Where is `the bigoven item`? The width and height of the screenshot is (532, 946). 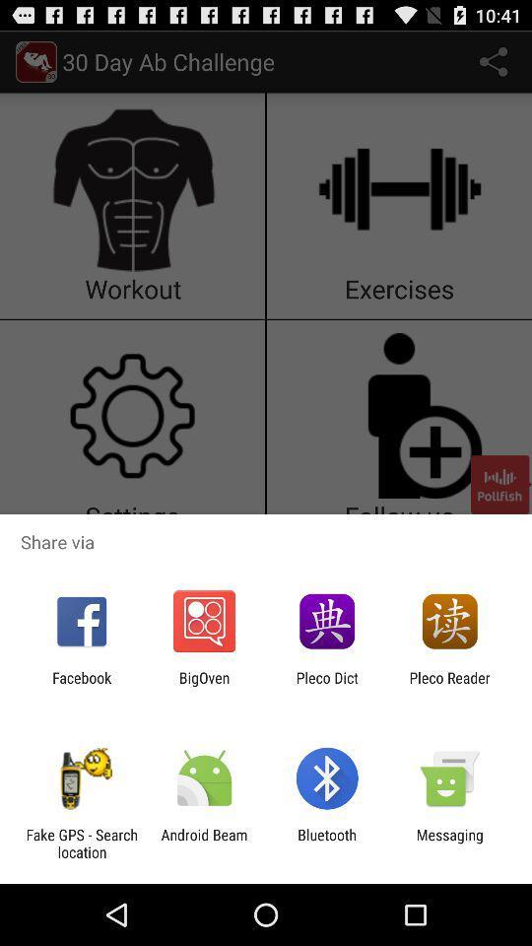 the bigoven item is located at coordinates (203, 686).